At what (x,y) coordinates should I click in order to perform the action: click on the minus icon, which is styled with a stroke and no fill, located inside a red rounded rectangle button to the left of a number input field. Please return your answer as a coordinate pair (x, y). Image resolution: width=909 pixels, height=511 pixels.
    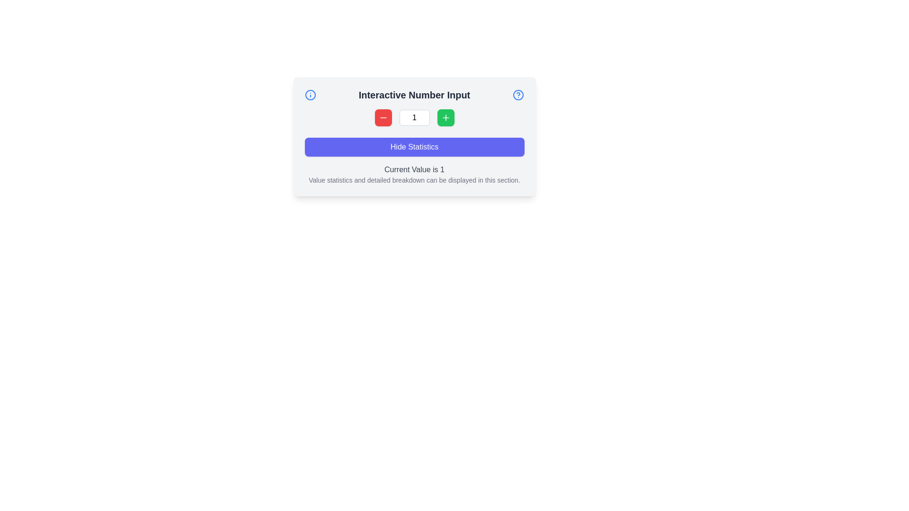
    Looking at the image, I should click on (383, 117).